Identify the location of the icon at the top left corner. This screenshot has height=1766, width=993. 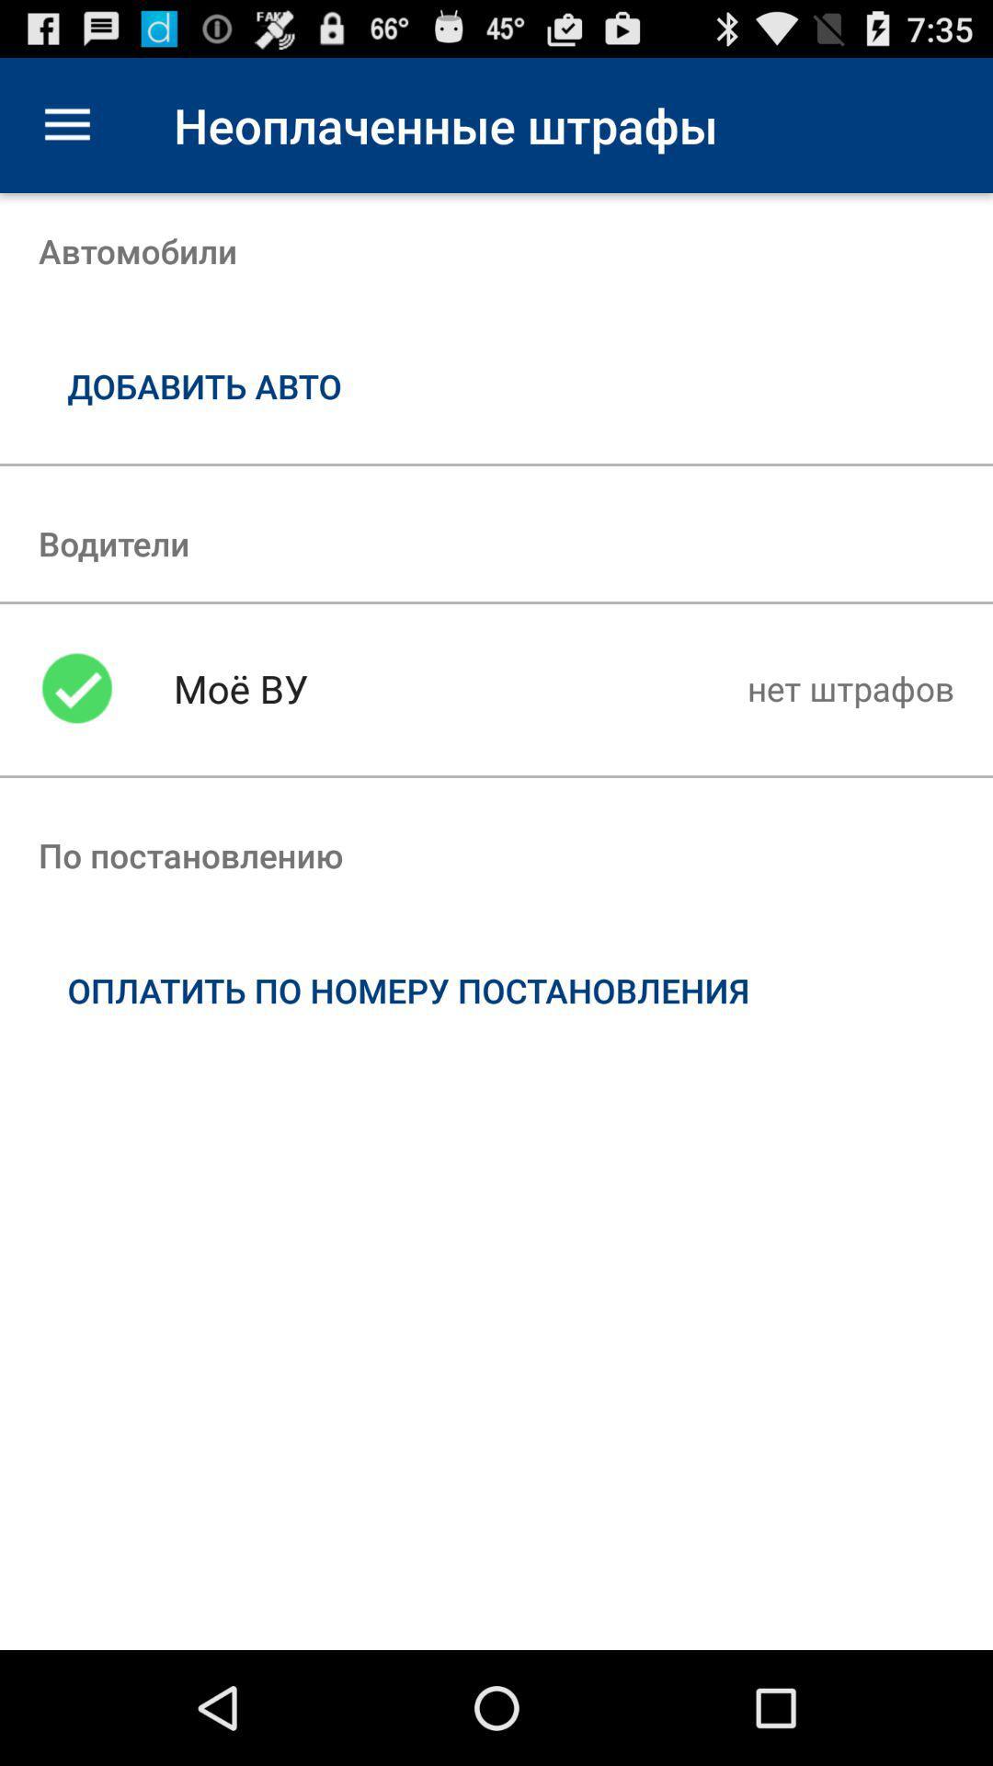
(66, 124).